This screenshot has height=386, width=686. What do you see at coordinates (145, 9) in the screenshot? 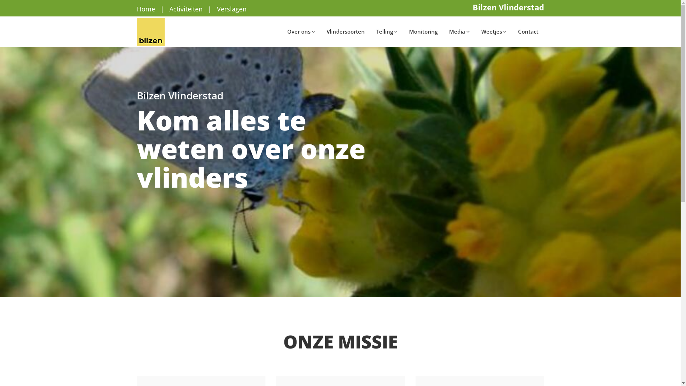
I see `'Home'` at bounding box center [145, 9].